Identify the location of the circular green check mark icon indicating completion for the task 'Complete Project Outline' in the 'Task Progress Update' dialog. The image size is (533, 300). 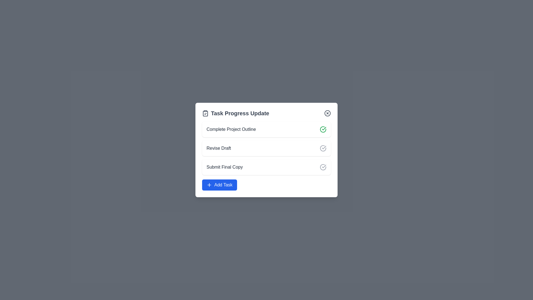
(323, 129).